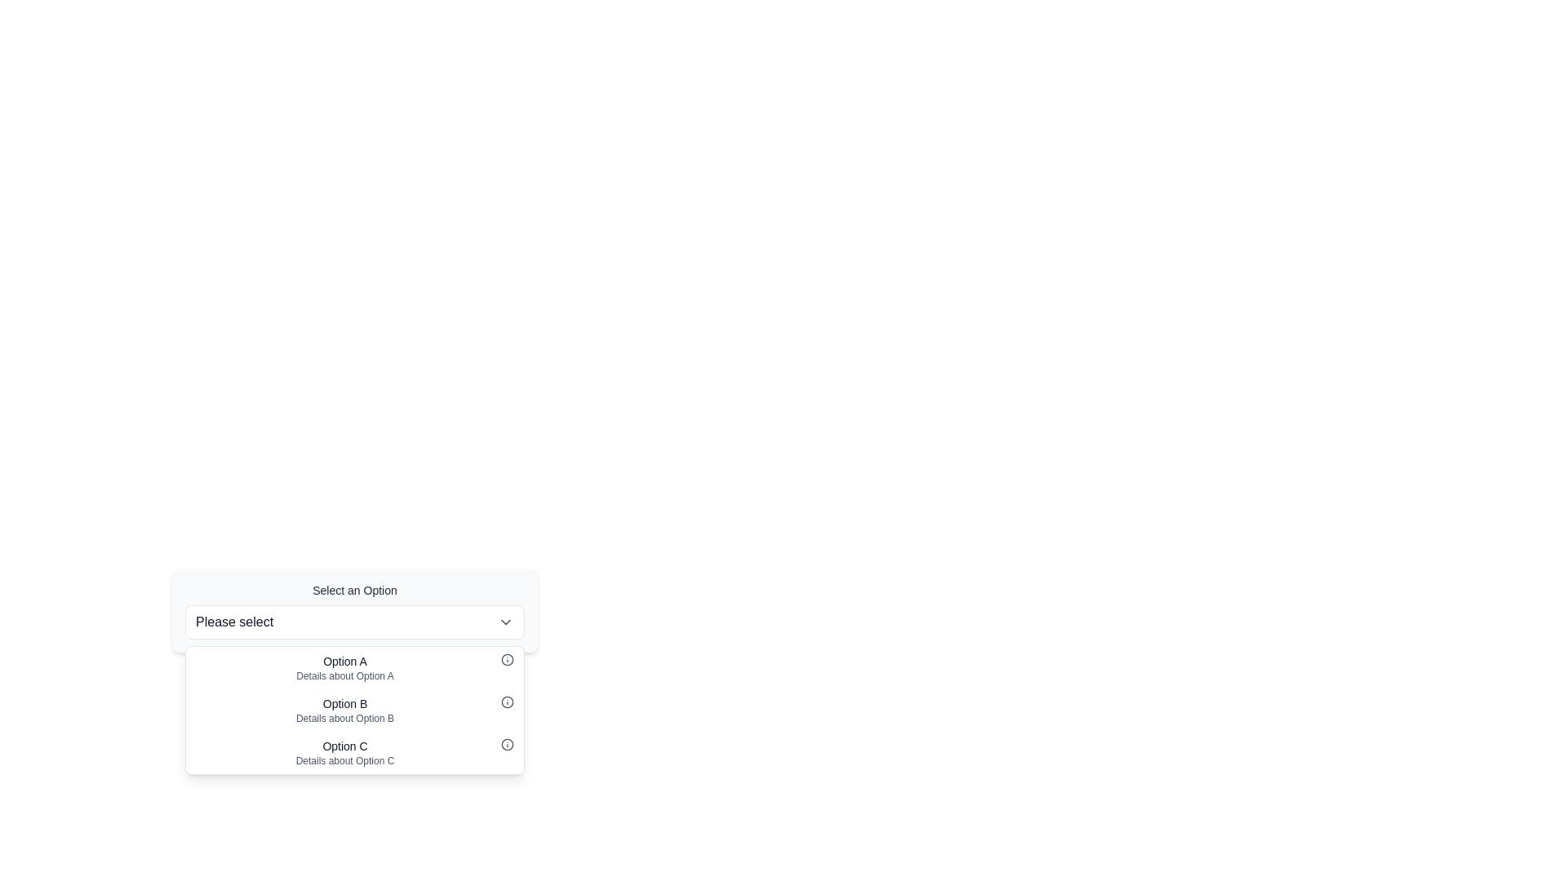 This screenshot has width=1567, height=881. Describe the element at coordinates (354, 710) in the screenshot. I see `the second option in the dropdown menu, which represents 'Option B'` at that location.